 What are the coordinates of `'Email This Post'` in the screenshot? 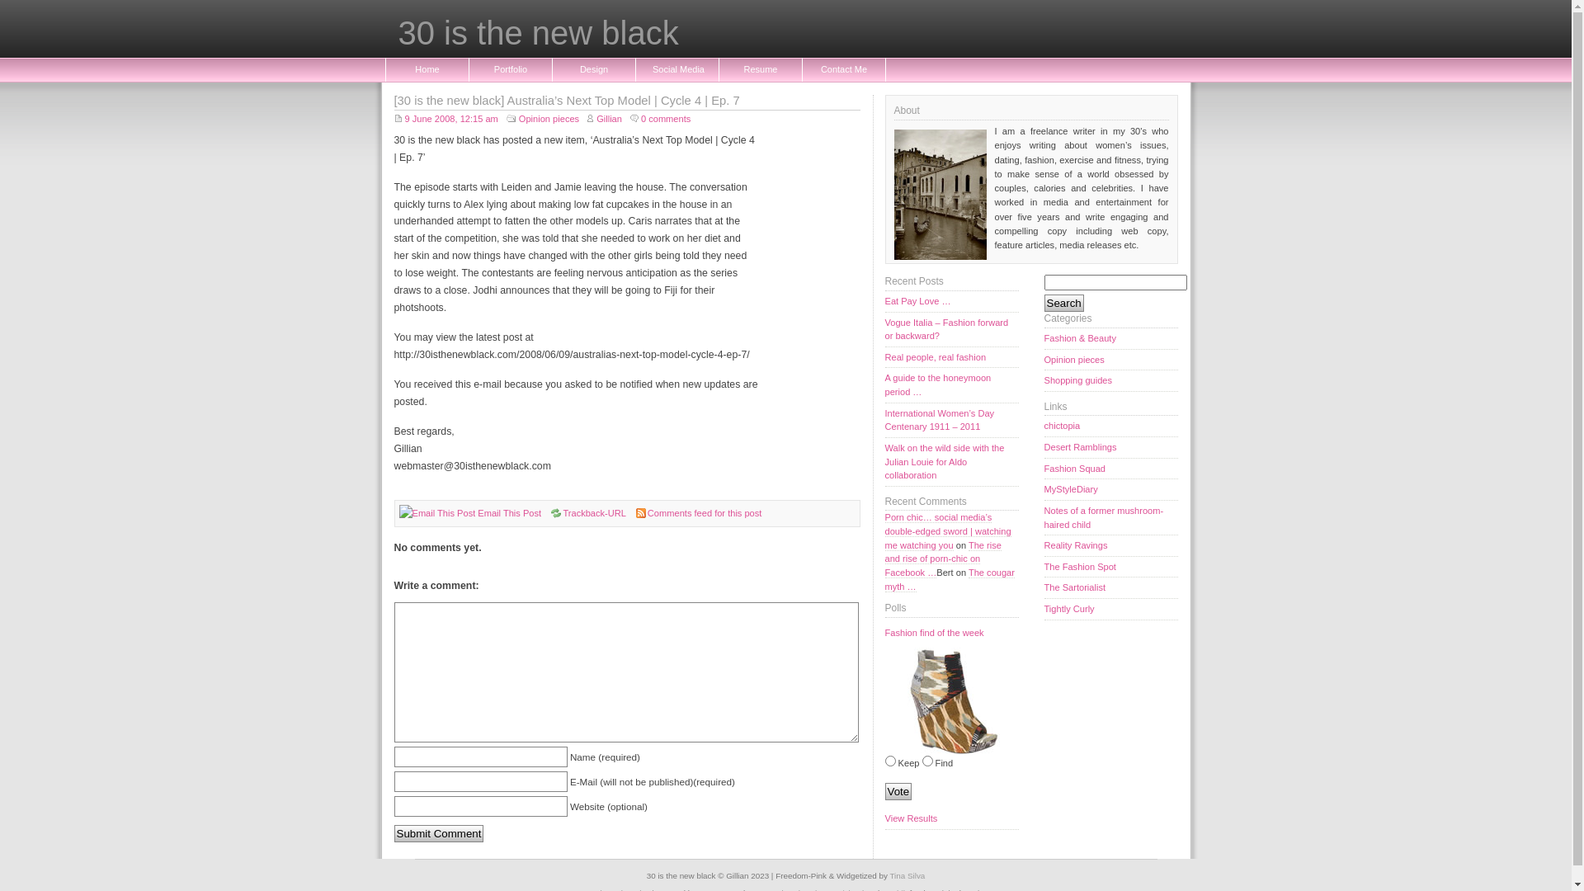 It's located at (477, 511).